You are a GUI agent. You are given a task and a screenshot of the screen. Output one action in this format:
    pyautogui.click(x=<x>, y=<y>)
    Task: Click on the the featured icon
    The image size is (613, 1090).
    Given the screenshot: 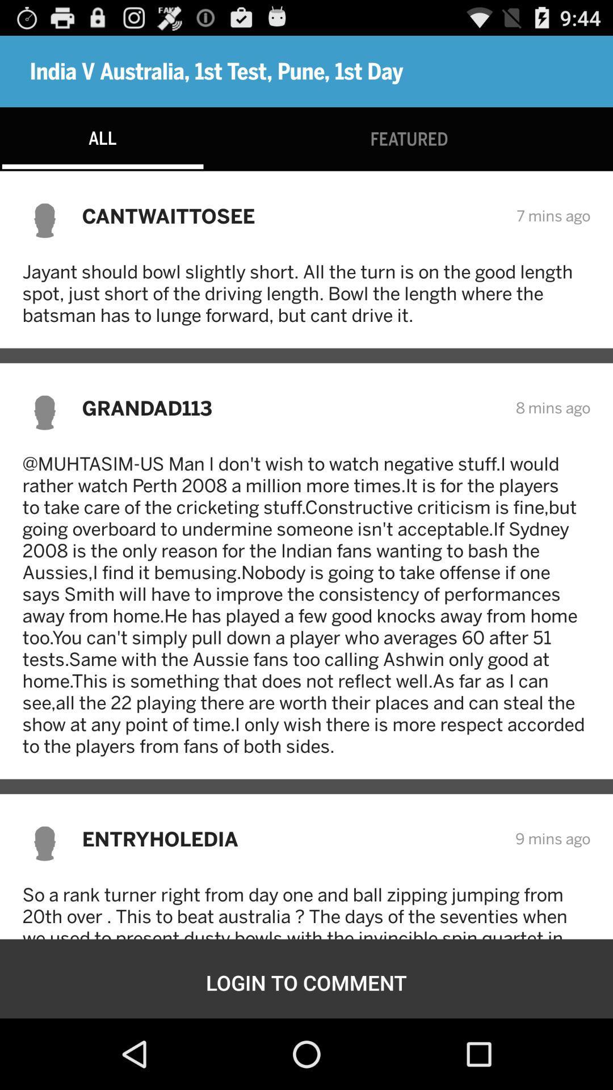 What is the action you would take?
    pyautogui.click(x=409, y=139)
    